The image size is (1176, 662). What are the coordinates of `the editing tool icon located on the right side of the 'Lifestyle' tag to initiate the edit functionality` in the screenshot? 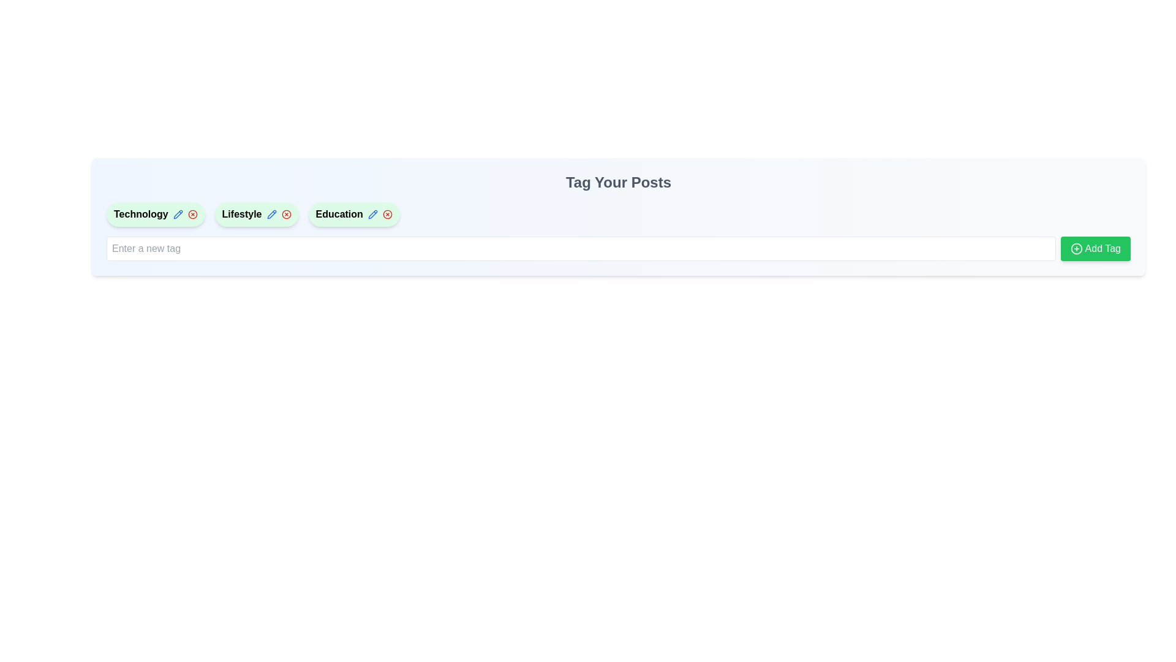 It's located at (271, 214).